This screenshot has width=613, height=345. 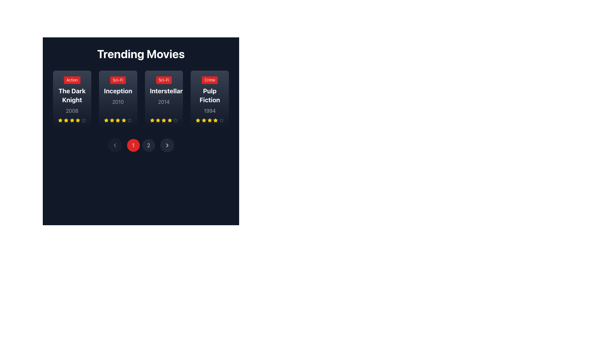 I want to click on the third star icon in the rating component for the movie 'Interstellar', so click(x=164, y=120).